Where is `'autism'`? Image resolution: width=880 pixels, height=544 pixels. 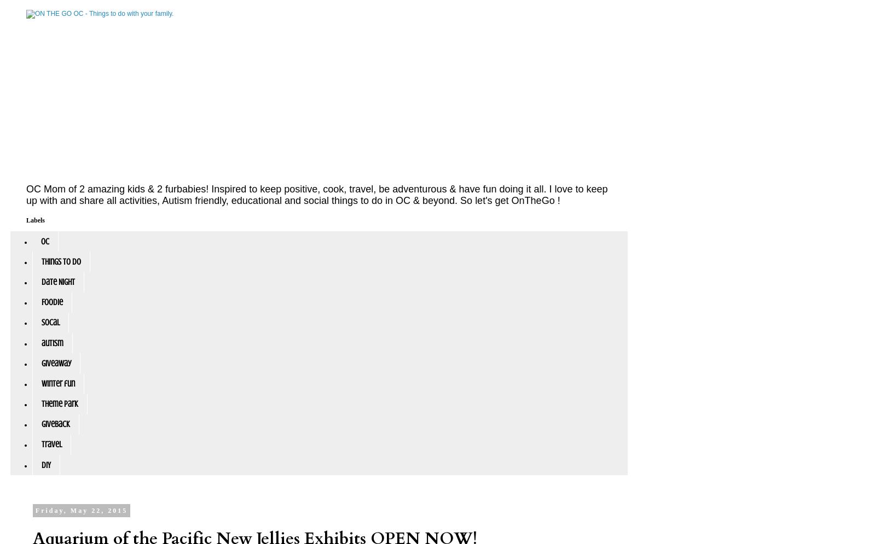
'autism' is located at coordinates (52, 343).